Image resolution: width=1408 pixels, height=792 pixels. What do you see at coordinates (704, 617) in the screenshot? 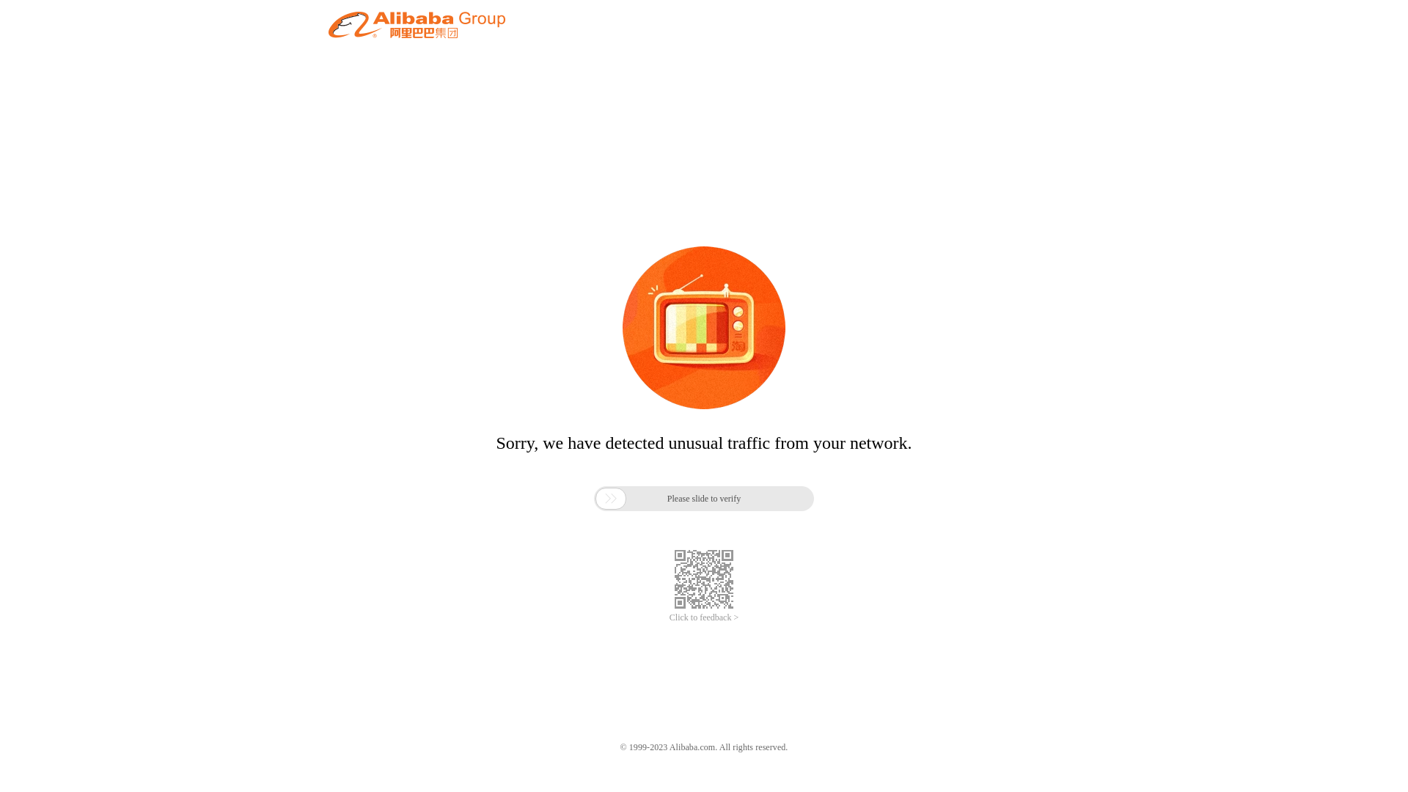
I see `'Click to feedback >'` at bounding box center [704, 617].